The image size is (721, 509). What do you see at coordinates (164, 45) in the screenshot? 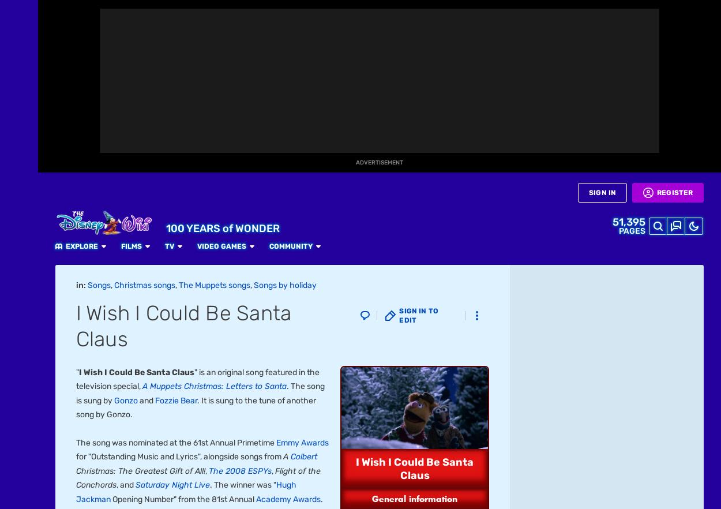
I see `'We know that love is the message of the season,'` at bounding box center [164, 45].